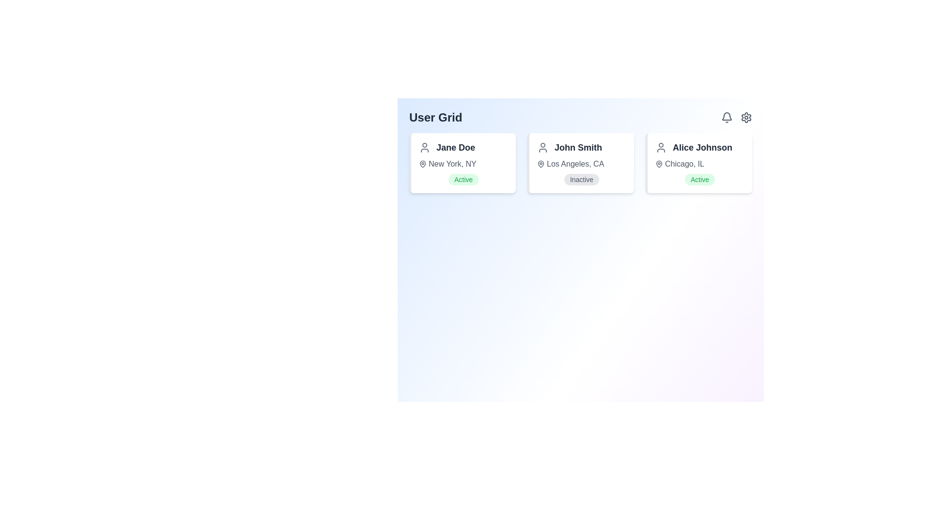 This screenshot has width=930, height=523. I want to click on the location icon associated with user 'John Smith', positioned to the left of the text 'Los Angeles, CA', so click(541, 163).